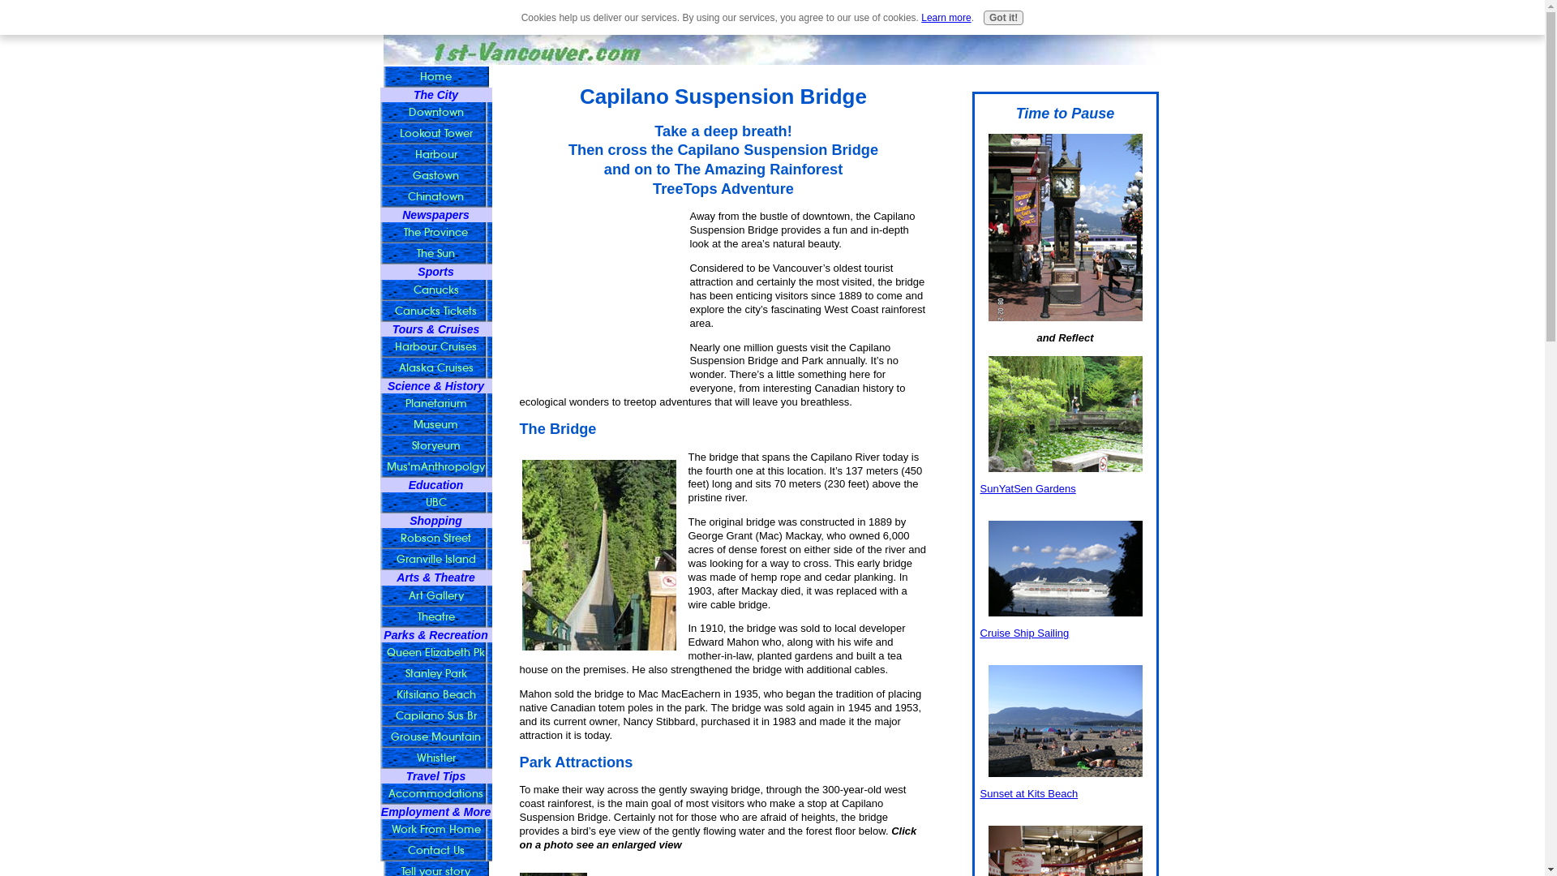 This screenshot has height=876, width=1557. I want to click on 'Museum', so click(435, 424).